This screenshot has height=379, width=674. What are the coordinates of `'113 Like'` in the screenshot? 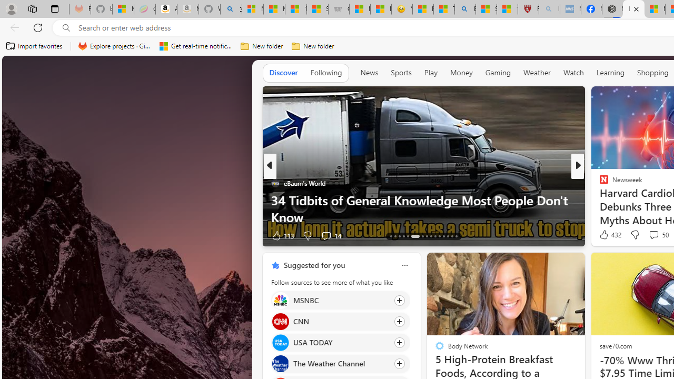 It's located at (282, 235).